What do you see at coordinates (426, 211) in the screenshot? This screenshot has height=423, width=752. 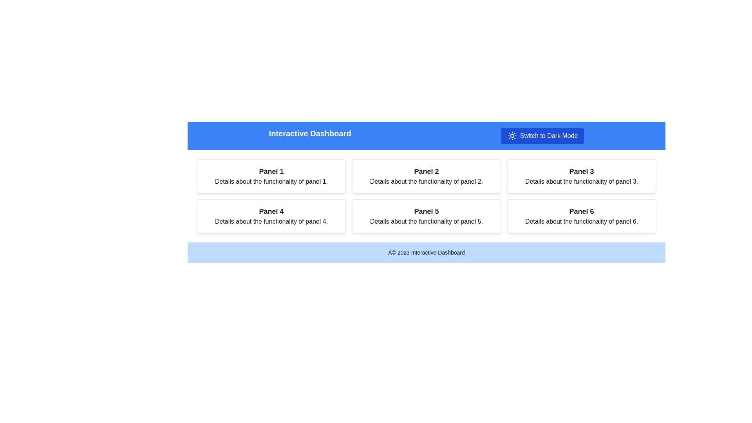 I see `the text label that serves as the title of the panel, located in the fifth card of a grid, specifically in the second row and second column` at bounding box center [426, 211].